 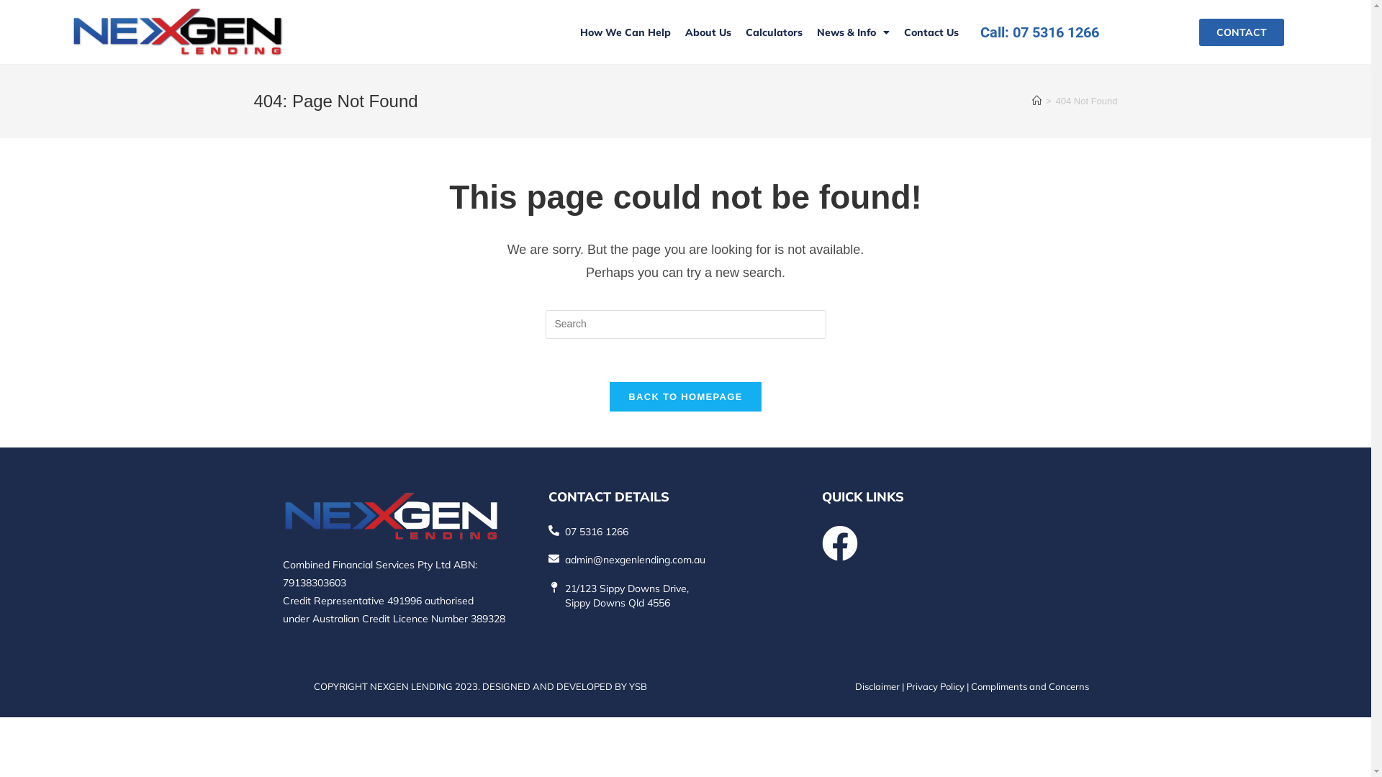 What do you see at coordinates (853, 32) in the screenshot?
I see `'News & Info'` at bounding box center [853, 32].